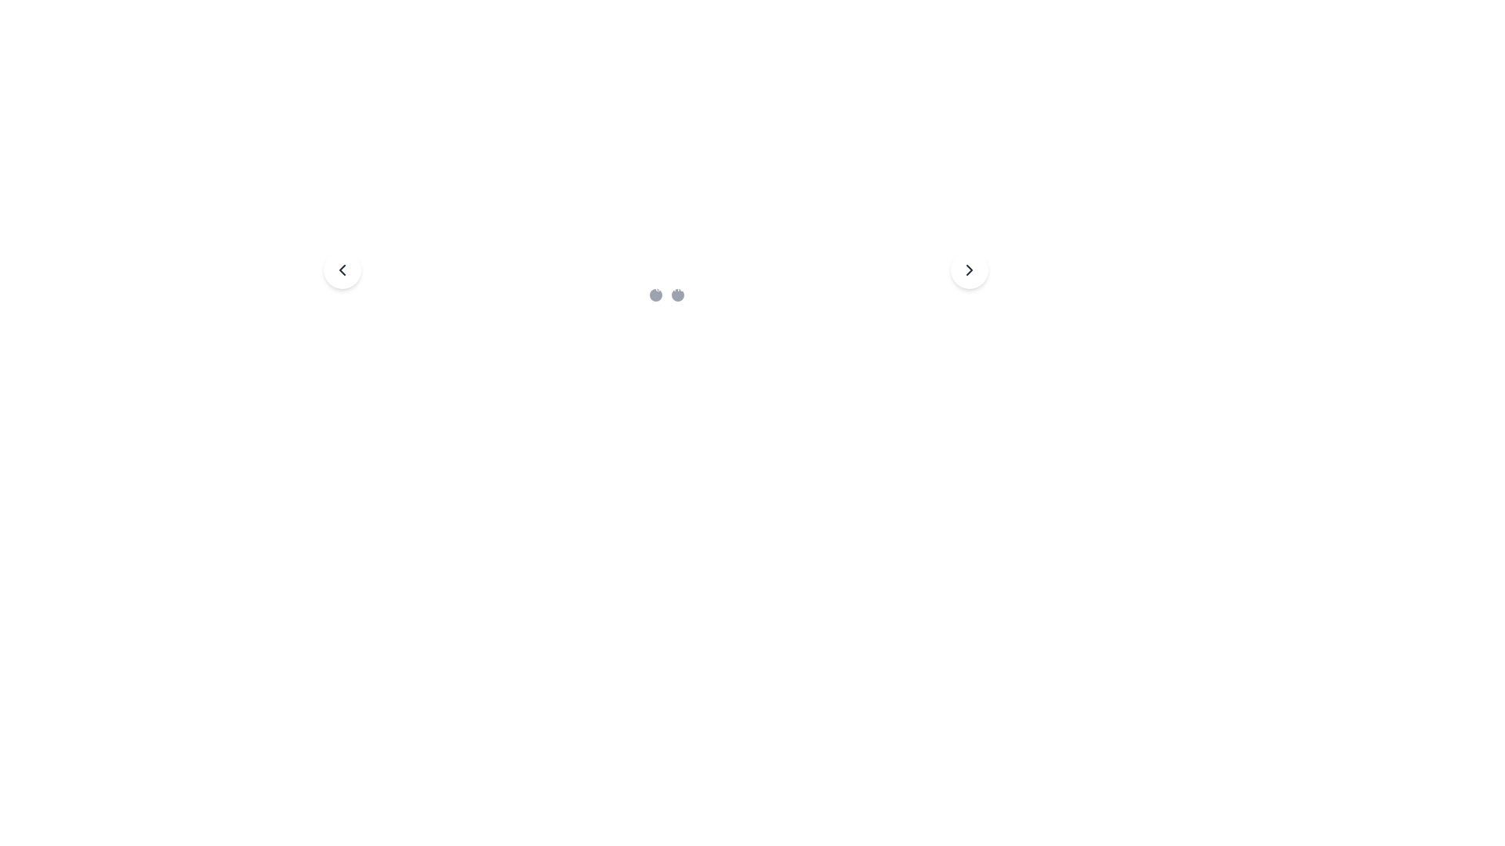  What do you see at coordinates (655, 295) in the screenshot?
I see `the second circular pagination indicator, which is light gray and located in a row of similar circles` at bounding box center [655, 295].